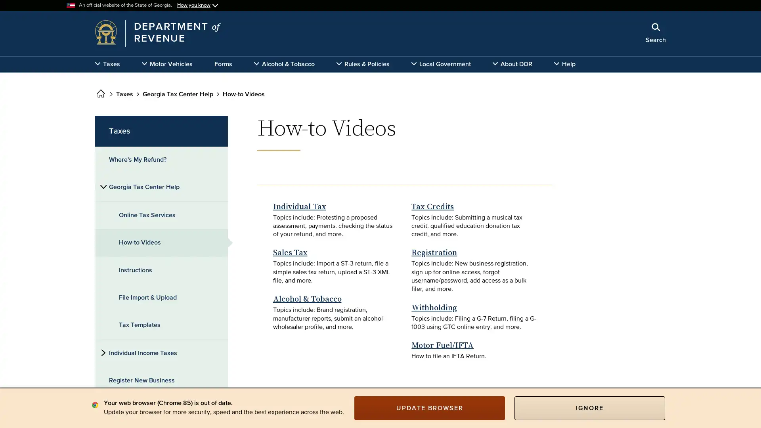 This screenshot has height=428, width=761. I want to click on Search, so click(656, 34).